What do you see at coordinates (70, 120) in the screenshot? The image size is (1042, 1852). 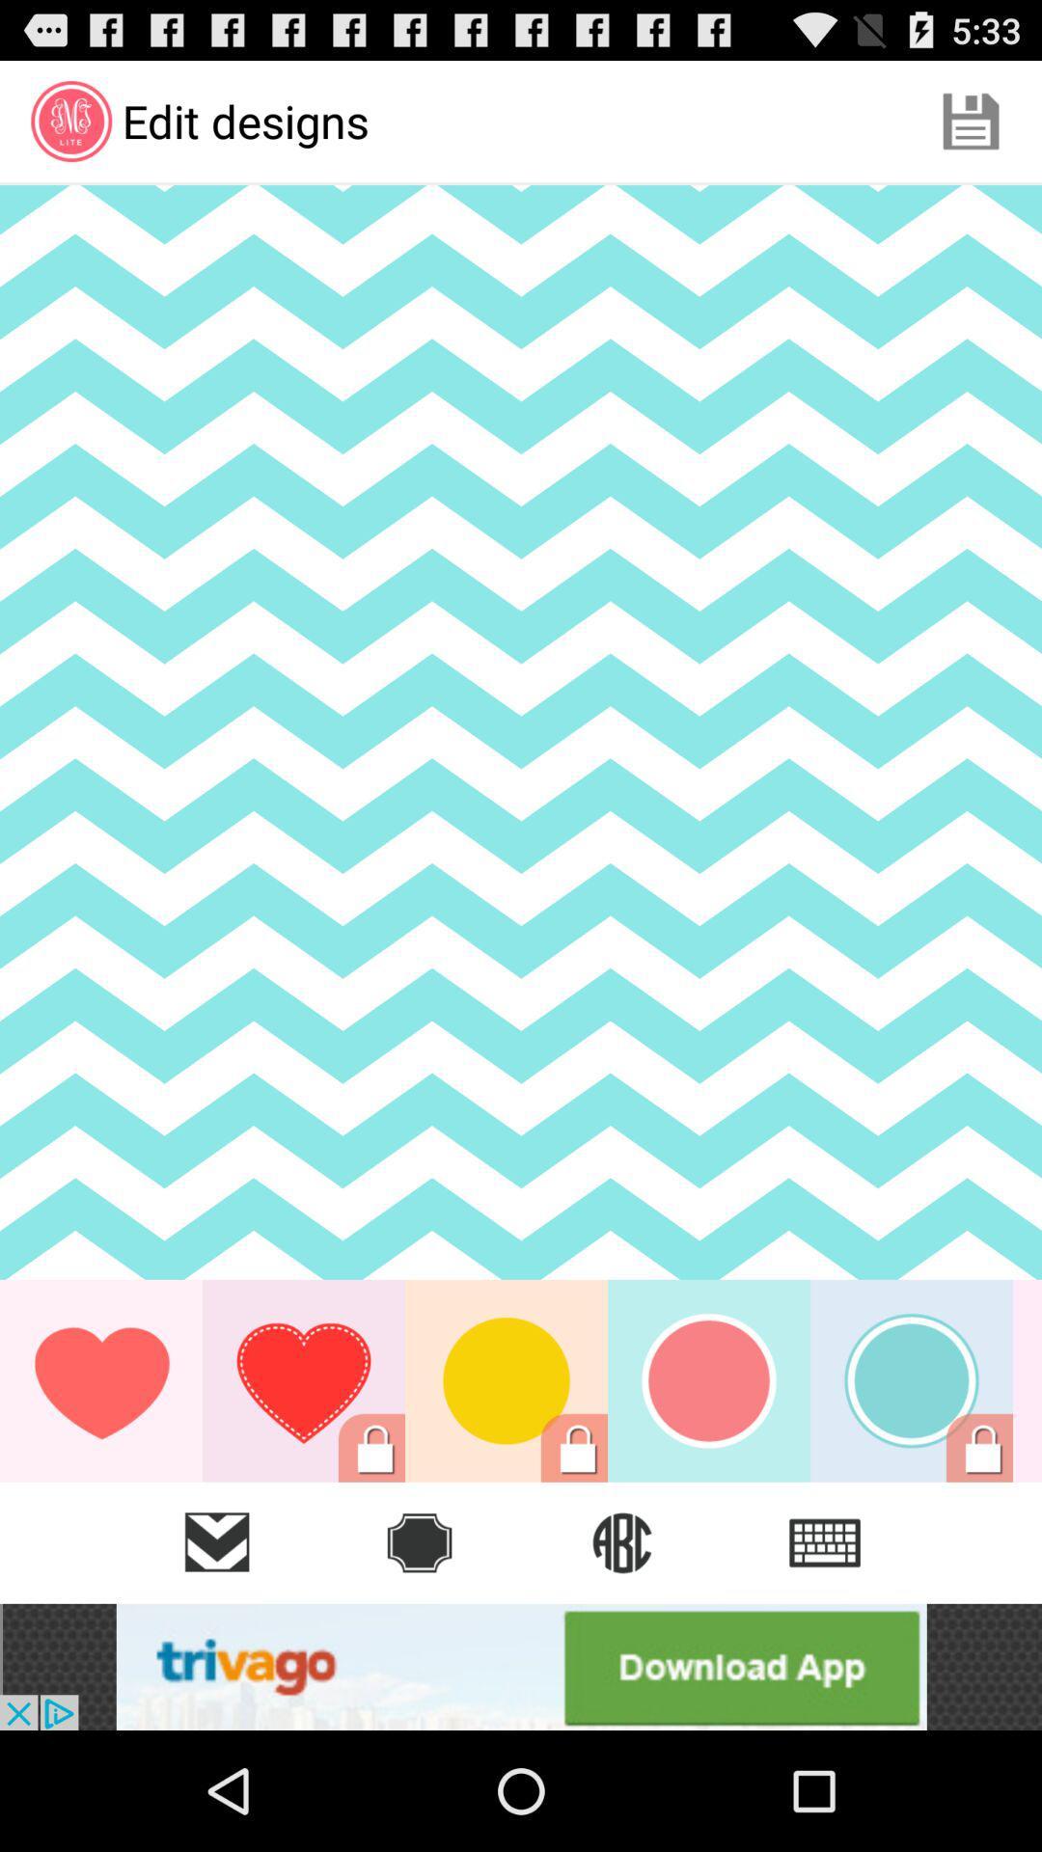 I see `the first  icon in second line` at bounding box center [70, 120].